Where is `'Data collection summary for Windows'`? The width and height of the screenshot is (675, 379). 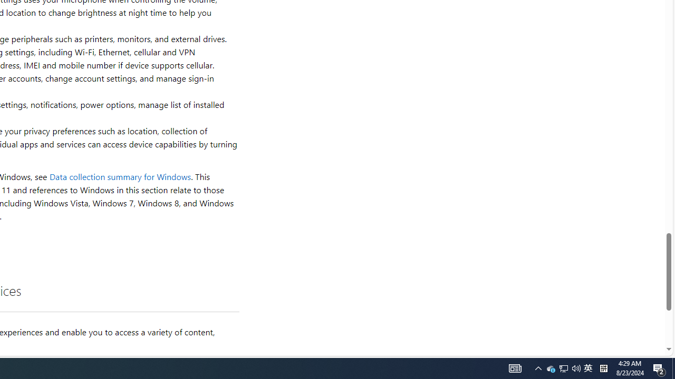
'Data collection summary for Windows' is located at coordinates (120, 176).